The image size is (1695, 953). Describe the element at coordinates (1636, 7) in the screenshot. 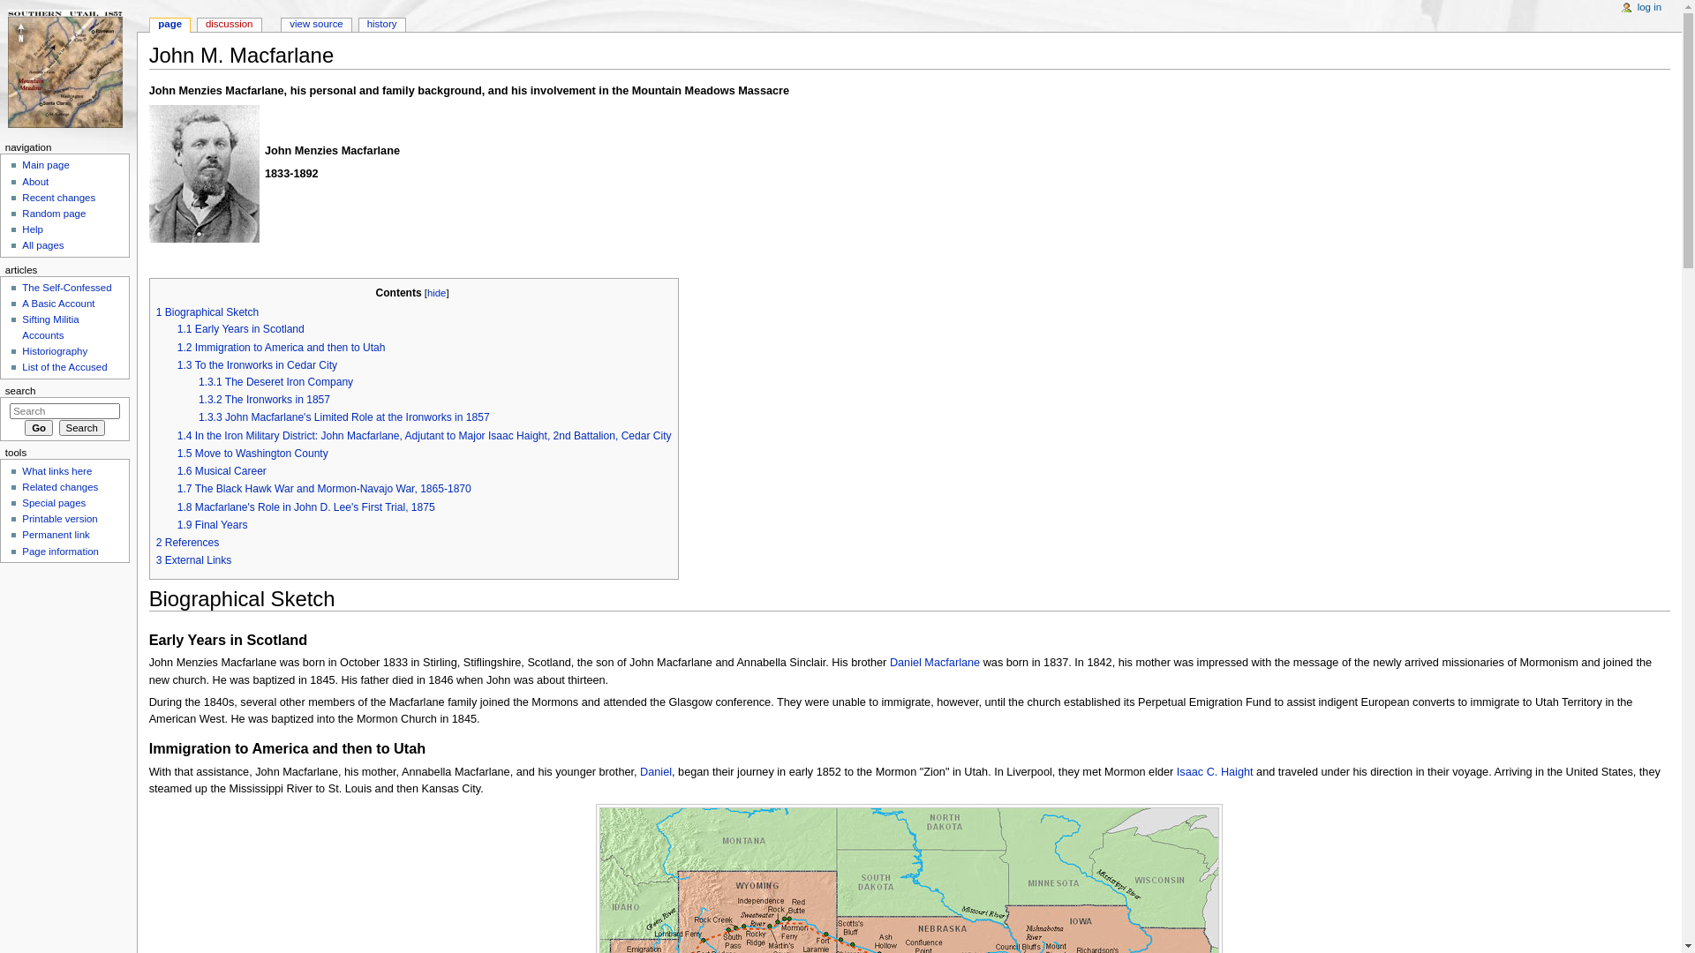

I see `'log in'` at that location.